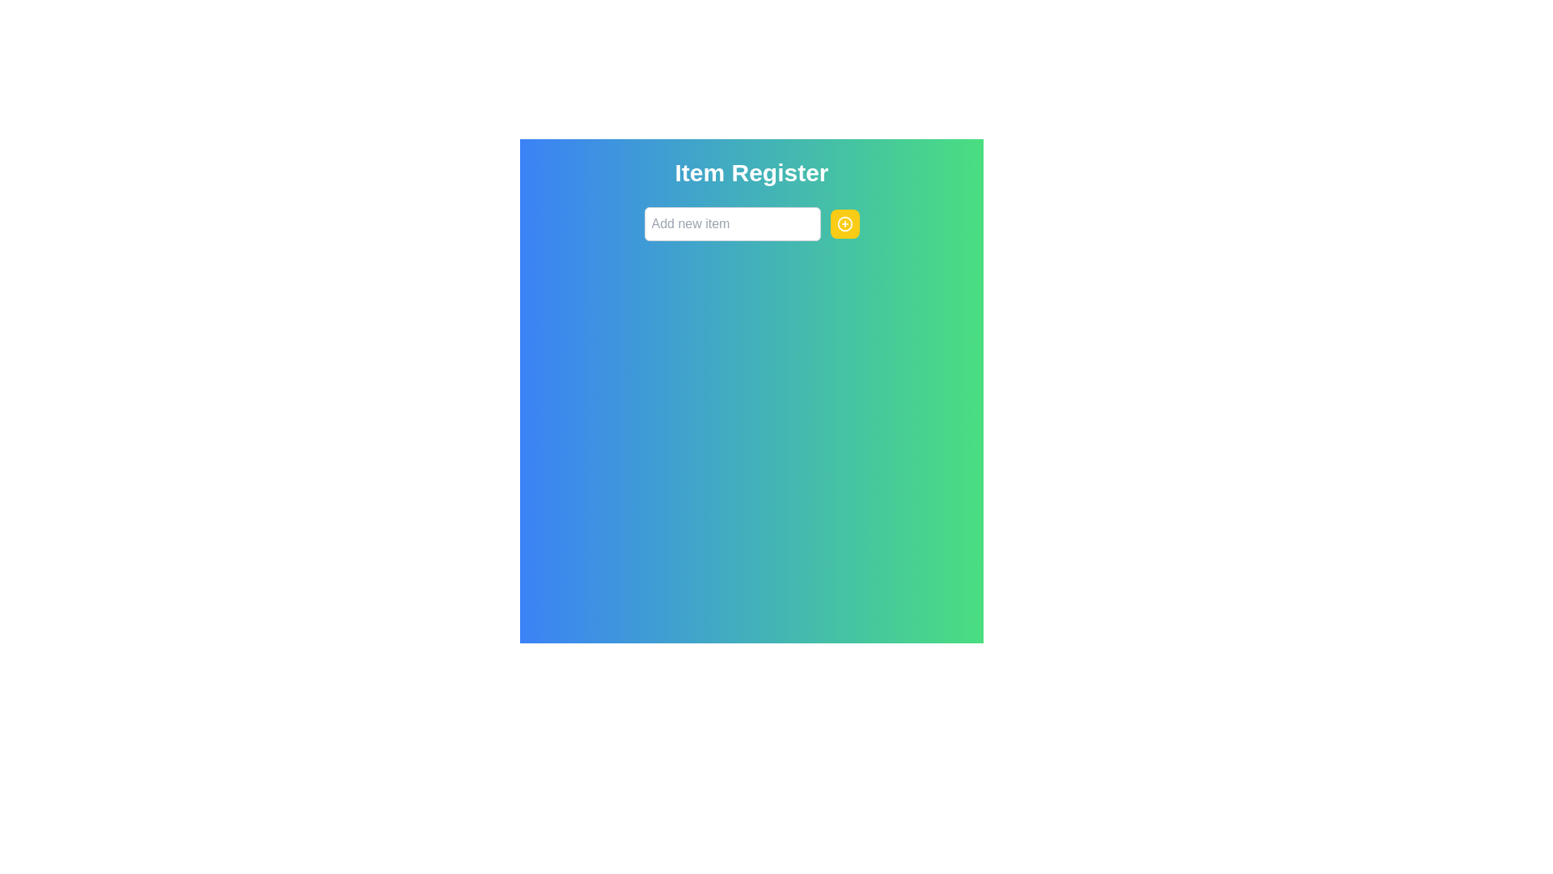 The width and height of the screenshot is (1553, 874). I want to click on the graphical representation of the Circle element in the SVG interface, which denotes an addition action and is located towards the top-right of the interface, adjacent to the 'Add new item' input box, so click(844, 224).